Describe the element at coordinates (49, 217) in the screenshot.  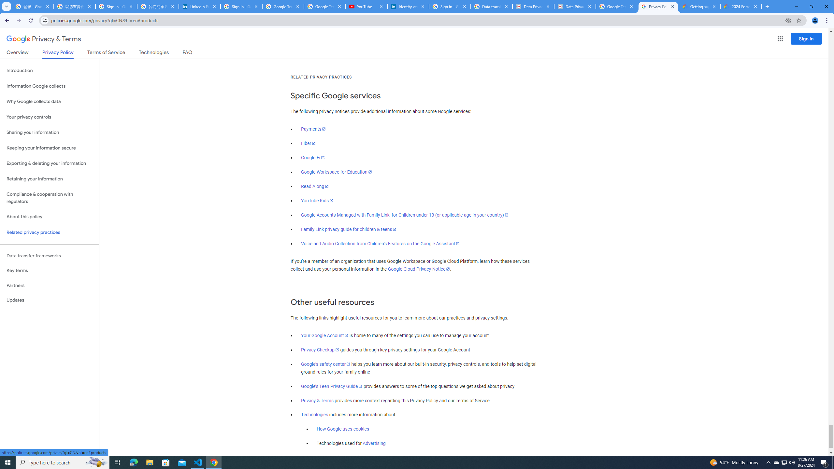
I see `'About this policy'` at that location.